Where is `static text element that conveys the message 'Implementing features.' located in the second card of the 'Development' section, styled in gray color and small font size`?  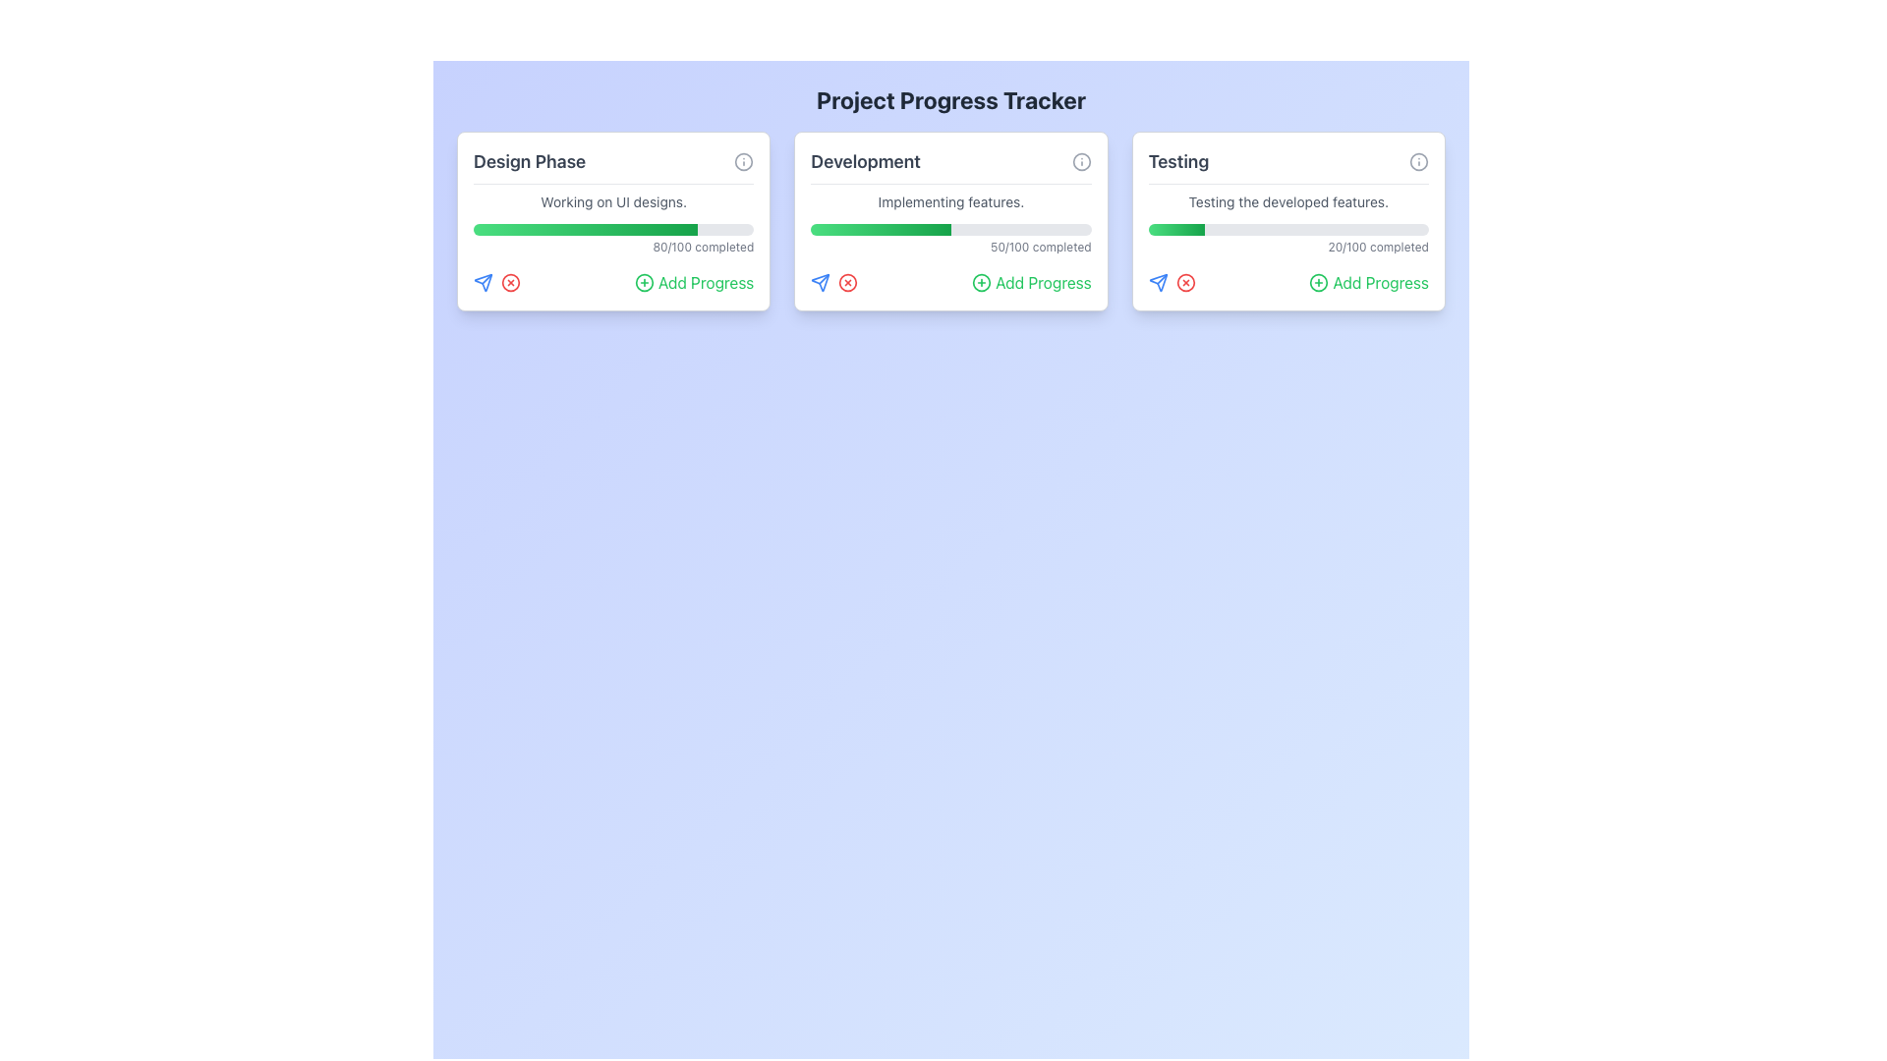
static text element that conveys the message 'Implementing features.' located in the second card of the 'Development' section, styled in gray color and small font size is located at coordinates (951, 201).